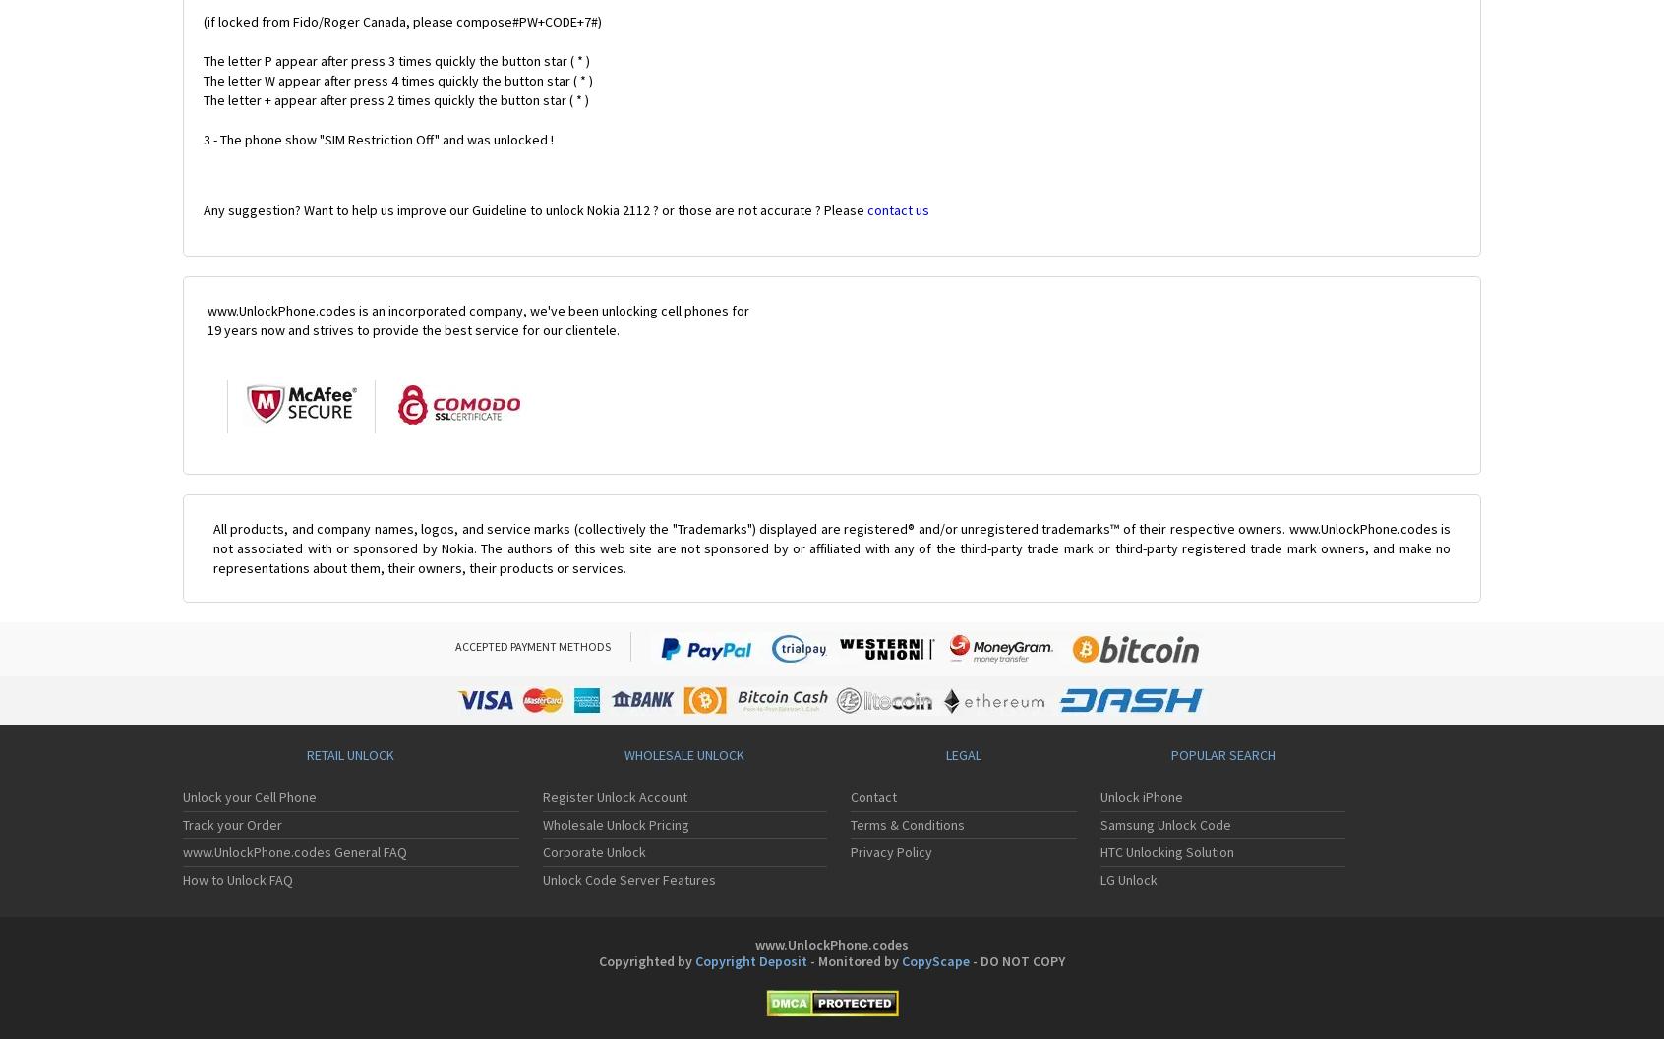  Describe the element at coordinates (897, 210) in the screenshot. I see `'contact us'` at that location.